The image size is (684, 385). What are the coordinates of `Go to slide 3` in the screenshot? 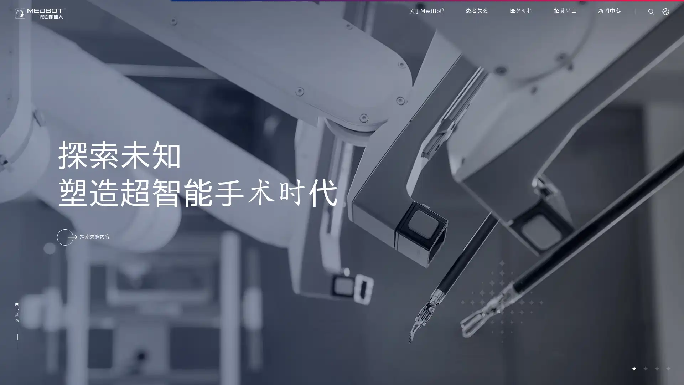 It's located at (656, 368).